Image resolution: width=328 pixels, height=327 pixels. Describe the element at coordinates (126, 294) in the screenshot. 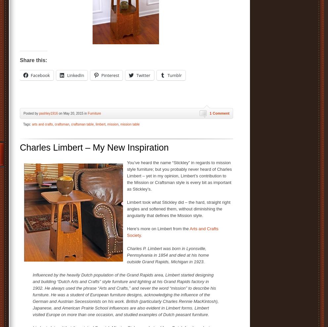

I see `'Influenced by the heavily Dutch population of the Grand Rapids area, Limbert started designing and building “Dutch Arts and Crafts” style furniture and lighting at his Grand Rapids factory in 1902. He always used the phrase “Arts and Crafts,” and never the word “mission” to describe his furniture. He was a student of European furniture designs, acknowledging the influence of the German and Austrian Secessionists on his work. British (particularly Charles Rennie MacKintosh), Japanese, and American Prairie School influences are also evident in Limbert forms. Limbert visited Europe on more than one occasion, and studied examples of Dutch peasant furniture.'` at that location.